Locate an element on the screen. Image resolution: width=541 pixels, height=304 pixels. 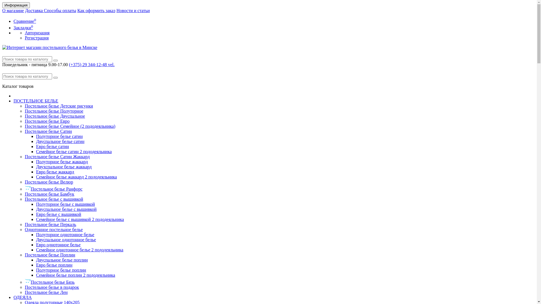
'(+375) 29 344-12-48 vel.' is located at coordinates (92, 64).